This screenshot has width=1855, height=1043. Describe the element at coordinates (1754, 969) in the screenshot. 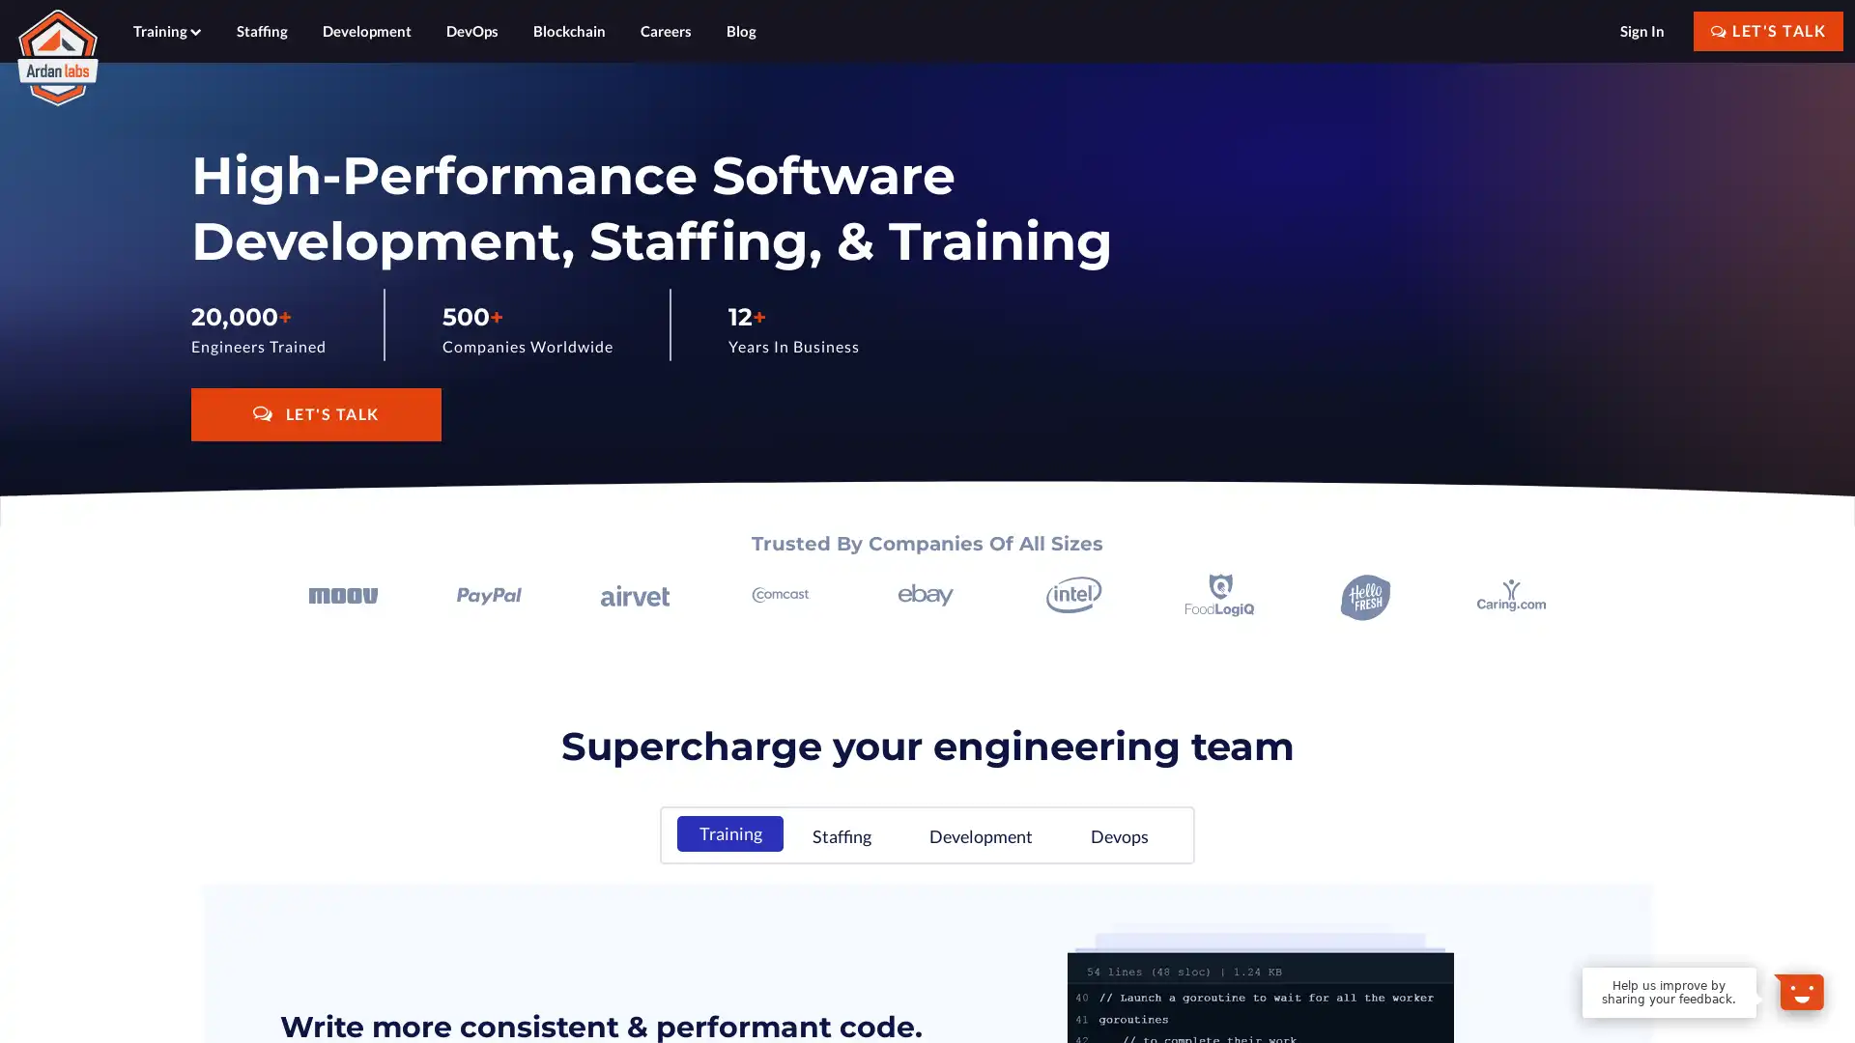

I see `Dismiss Message` at that location.